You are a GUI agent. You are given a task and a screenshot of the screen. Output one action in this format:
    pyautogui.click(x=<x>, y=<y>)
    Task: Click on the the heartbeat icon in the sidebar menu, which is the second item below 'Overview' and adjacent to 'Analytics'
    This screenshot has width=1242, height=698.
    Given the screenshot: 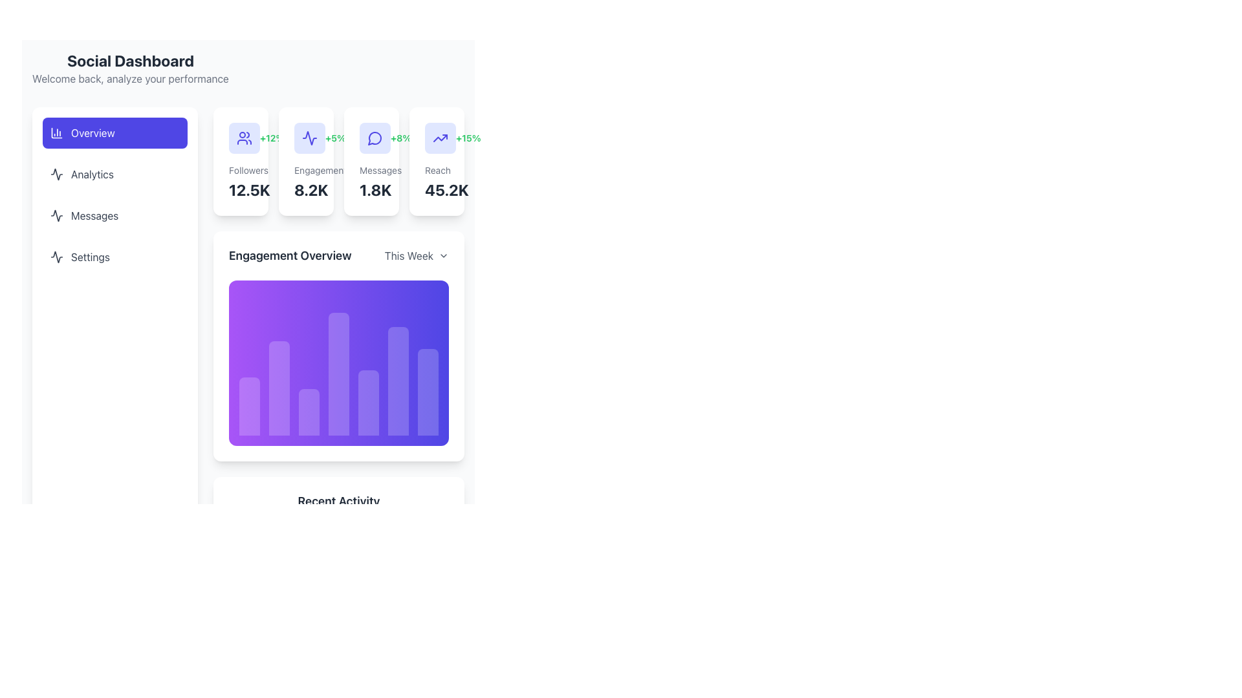 What is the action you would take?
    pyautogui.click(x=56, y=174)
    